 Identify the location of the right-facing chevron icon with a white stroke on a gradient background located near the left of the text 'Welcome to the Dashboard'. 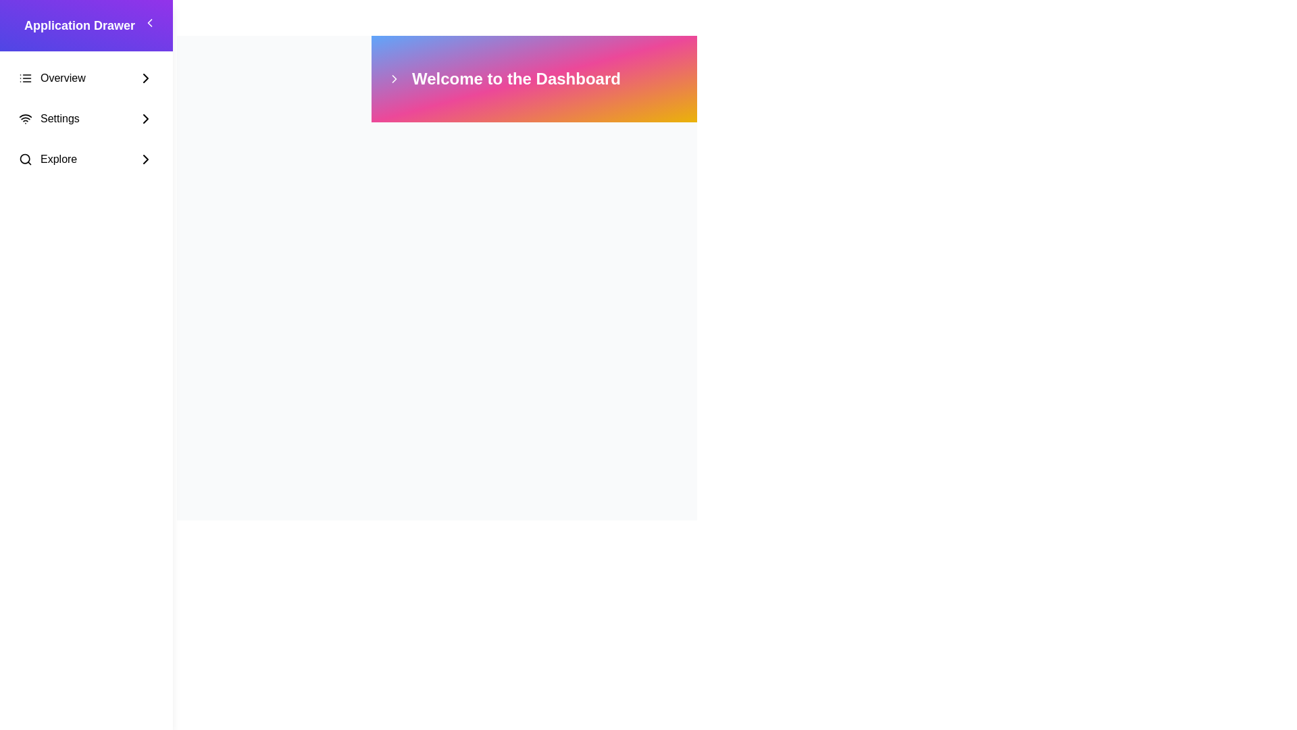
(394, 78).